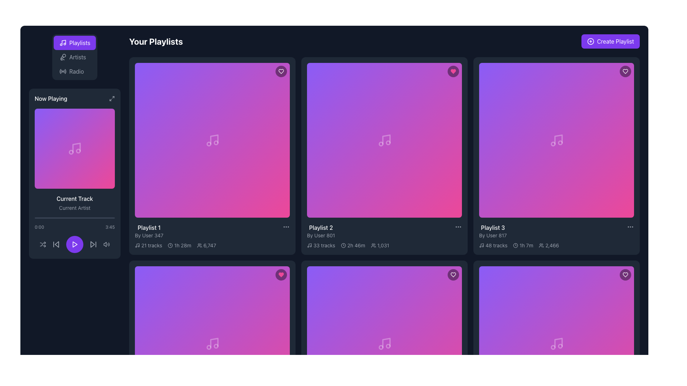  I want to click on the informational label with the text '1,031' and the icon depicting a group of people, located within the card for 'Playlist 2' next to the duration label, so click(380, 245).